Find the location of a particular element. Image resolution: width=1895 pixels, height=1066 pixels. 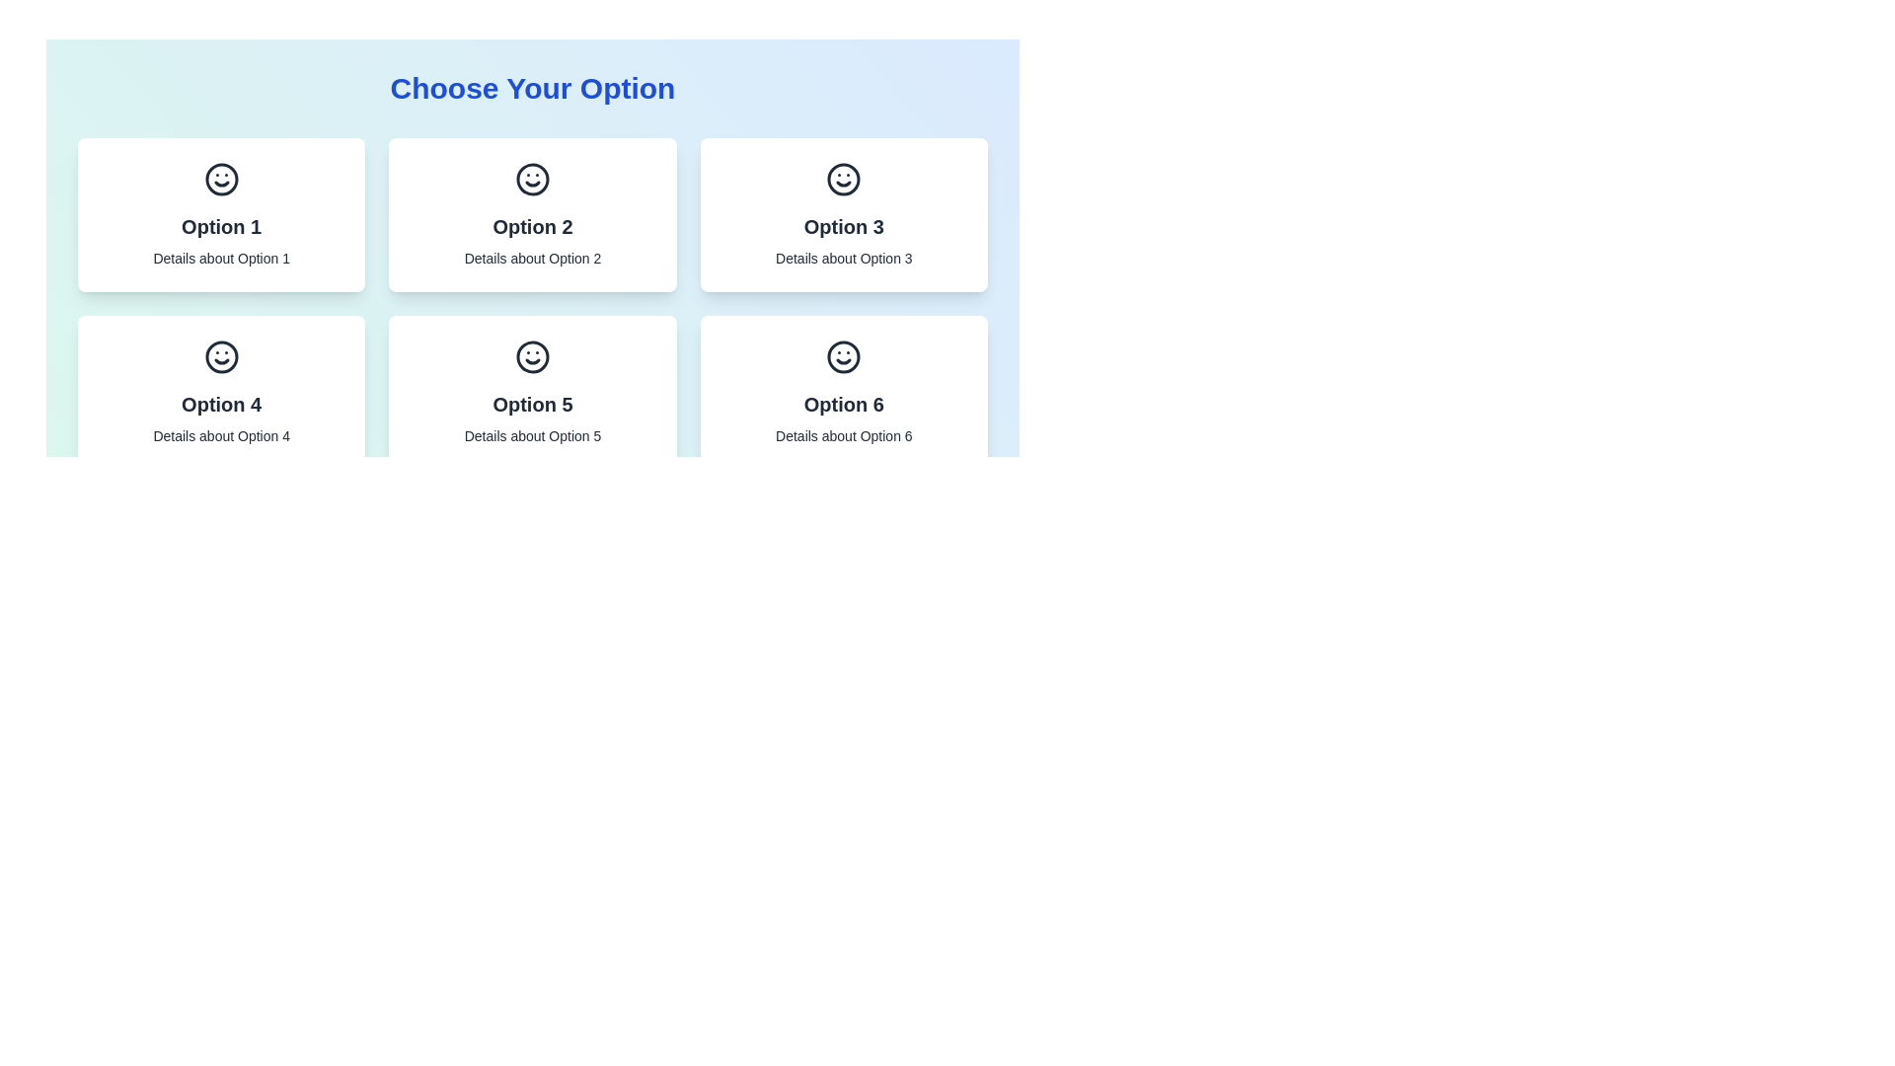

the circular outline icon representing a smiling face, which is located in the lower left quadrant of the 'Option 4' card is located at coordinates (221, 357).